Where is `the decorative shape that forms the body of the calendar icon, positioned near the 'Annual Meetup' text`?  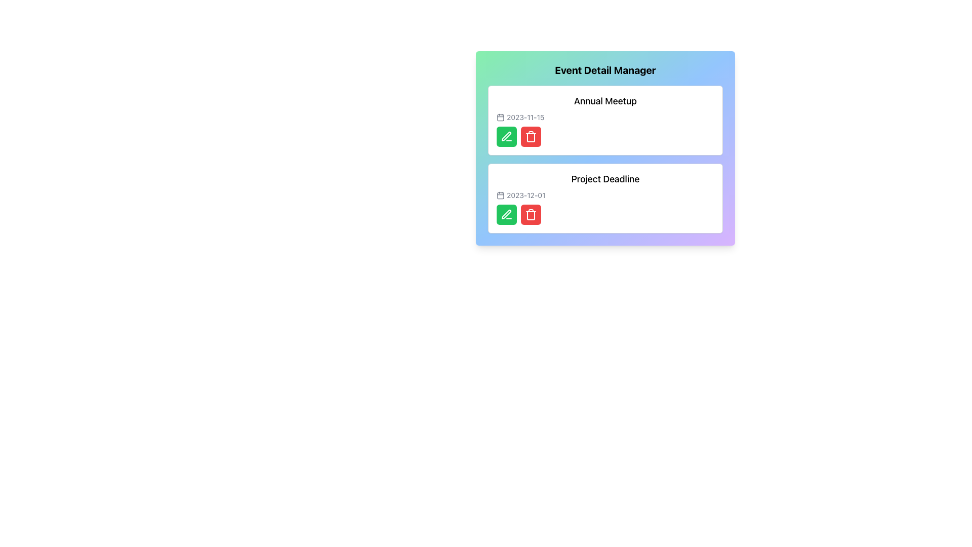
the decorative shape that forms the body of the calendar icon, positioned near the 'Annual Meetup' text is located at coordinates (500, 116).